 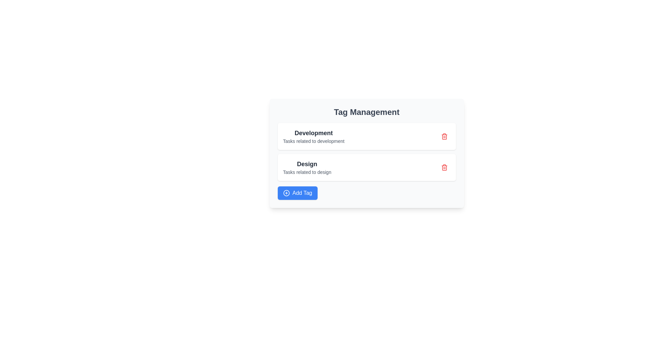 I want to click on the trash icon button styled in red, representing a delete action, located to the far right of the 'Design' section in the Tag Management list, so click(x=444, y=167).